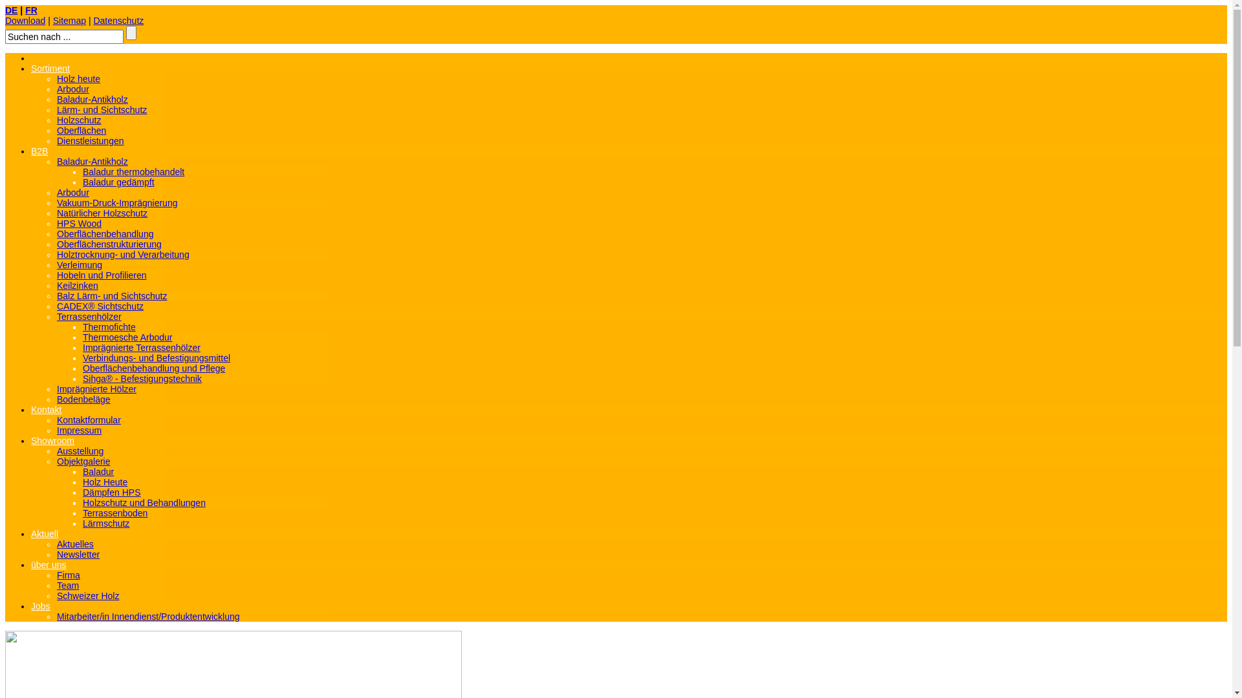 The width and height of the screenshot is (1242, 698). I want to click on 'Download', so click(25, 20).